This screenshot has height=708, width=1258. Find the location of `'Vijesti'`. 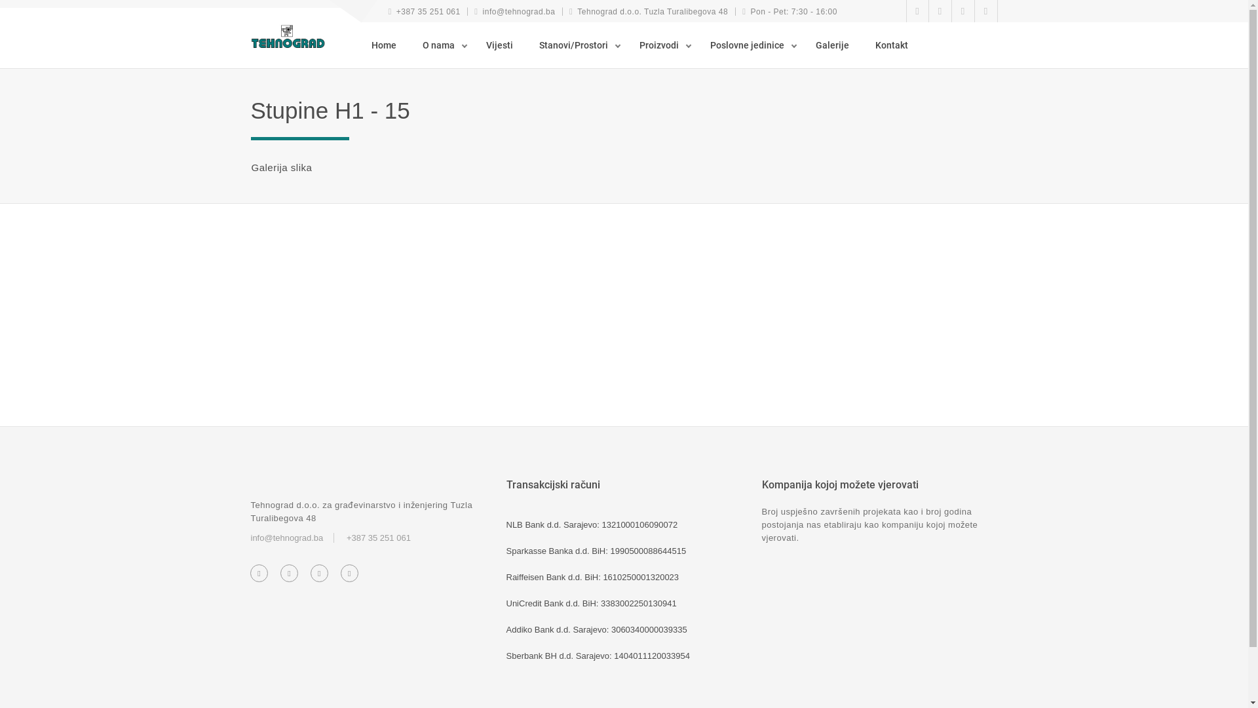

'Vijesti' is located at coordinates (502, 45).